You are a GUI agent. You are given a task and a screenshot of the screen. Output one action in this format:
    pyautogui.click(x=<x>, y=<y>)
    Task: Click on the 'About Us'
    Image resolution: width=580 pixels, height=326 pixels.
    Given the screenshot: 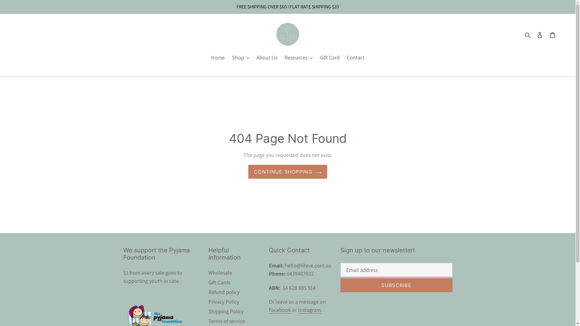 What is the action you would take?
    pyautogui.click(x=266, y=58)
    